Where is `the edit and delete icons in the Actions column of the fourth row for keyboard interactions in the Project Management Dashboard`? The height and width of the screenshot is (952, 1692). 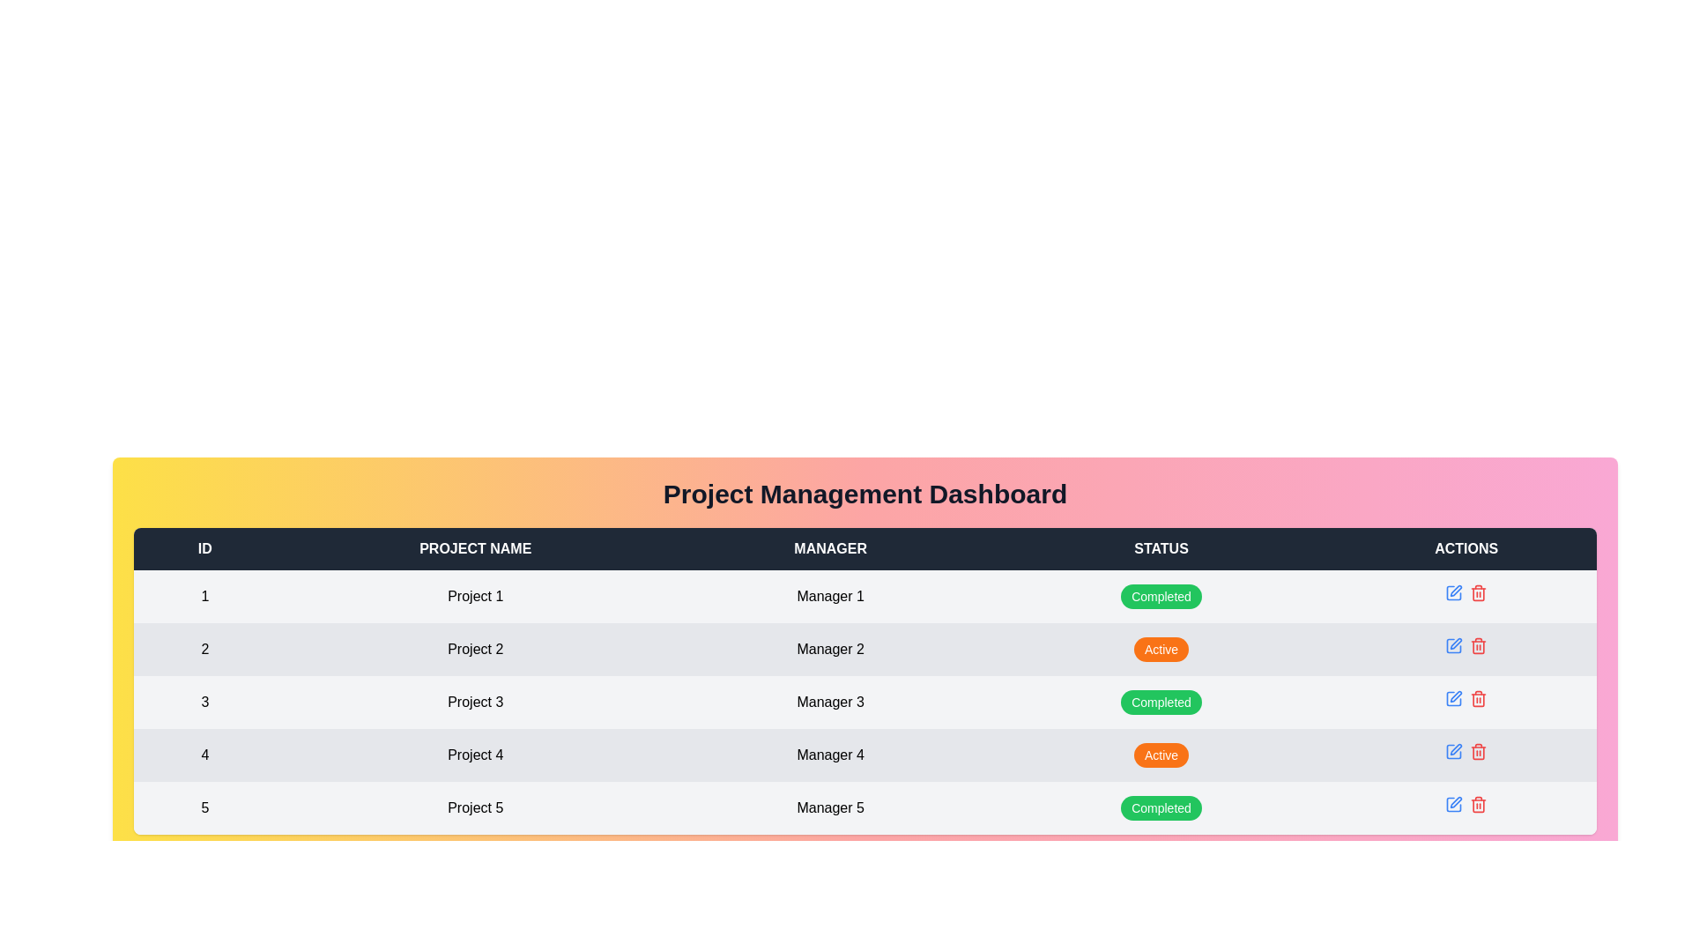
the edit and delete icons in the Actions column of the fourth row for keyboard interactions in the Project Management Dashboard is located at coordinates (1466, 751).